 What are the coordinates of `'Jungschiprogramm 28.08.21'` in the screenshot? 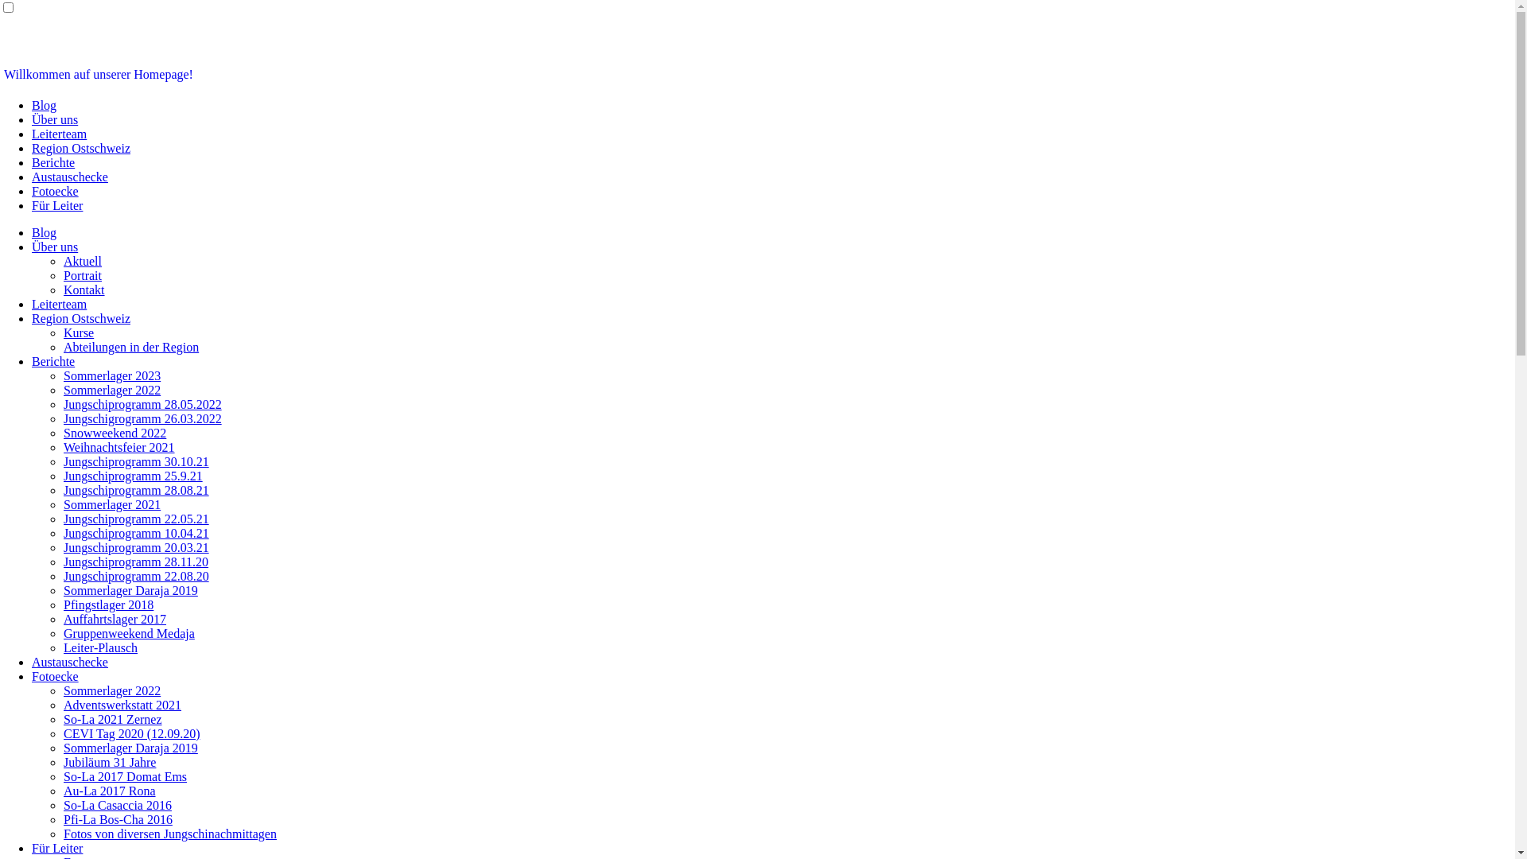 It's located at (136, 489).